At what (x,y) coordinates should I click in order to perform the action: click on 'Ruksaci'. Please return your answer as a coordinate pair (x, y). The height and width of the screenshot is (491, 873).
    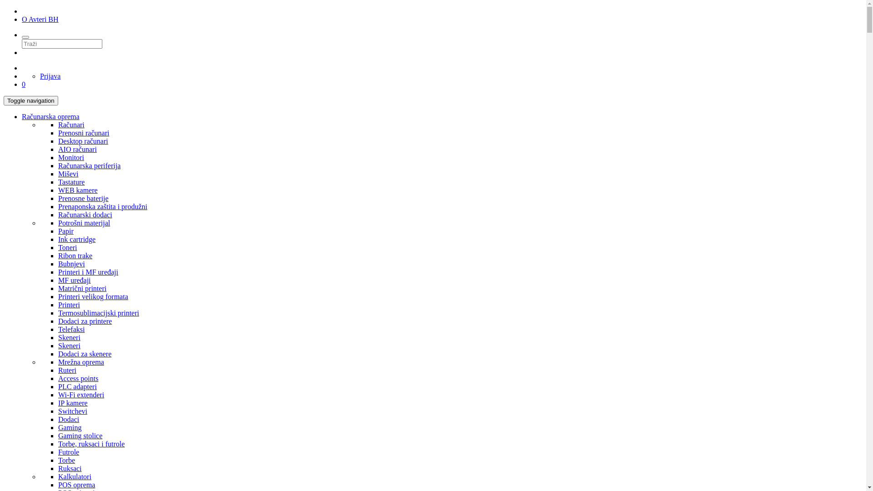
    Looking at the image, I should click on (69, 468).